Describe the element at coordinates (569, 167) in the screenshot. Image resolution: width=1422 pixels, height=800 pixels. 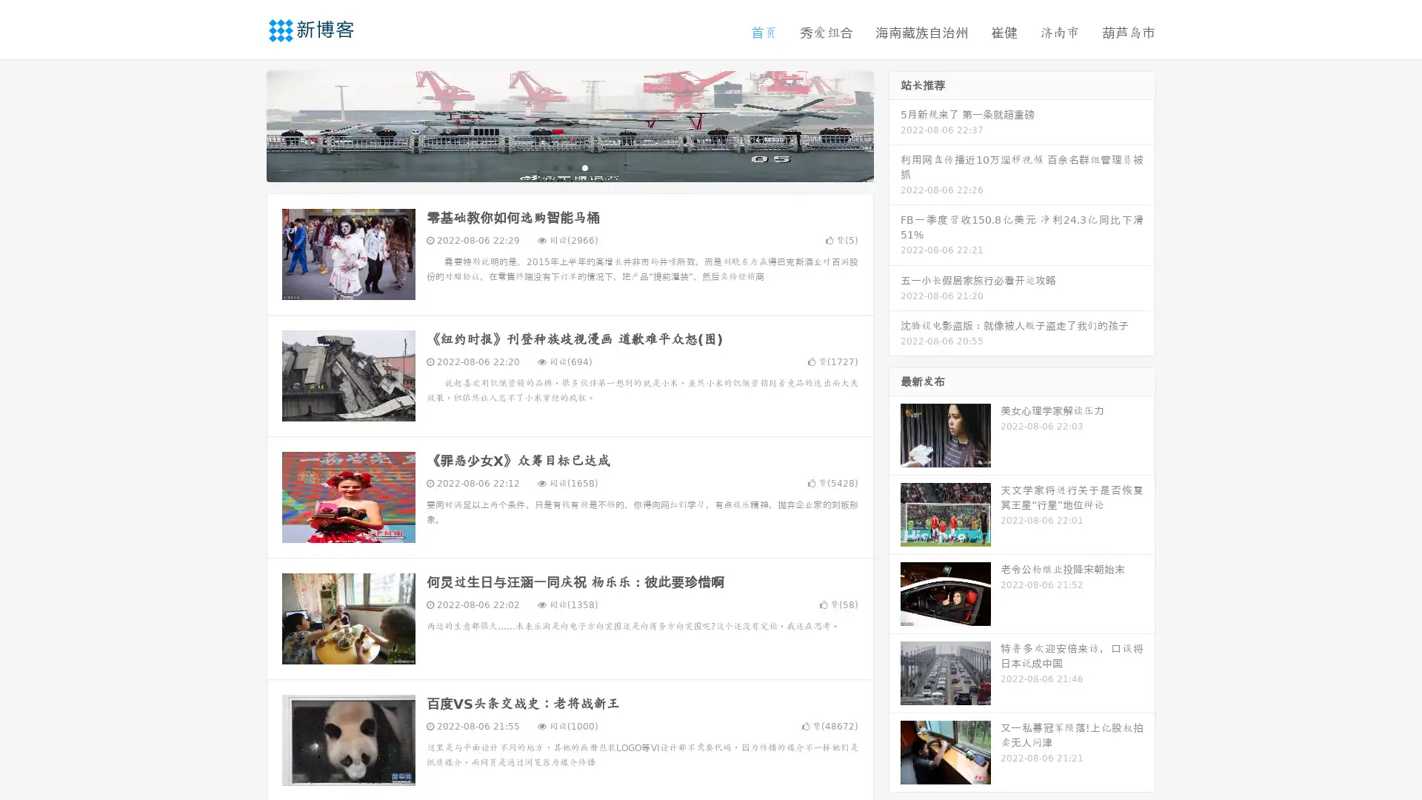
I see `Go to slide 2` at that location.